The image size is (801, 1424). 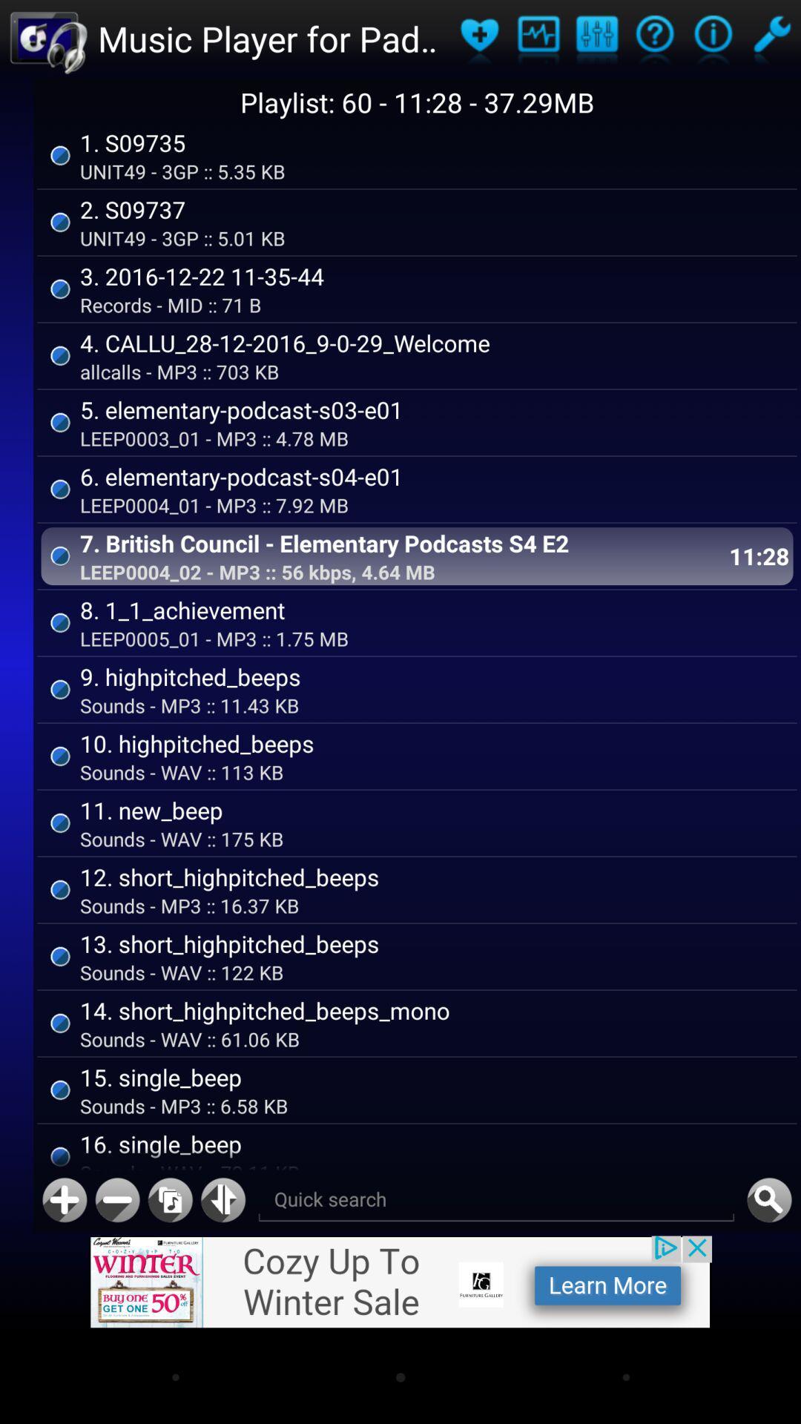 What do you see at coordinates (64, 1200) in the screenshot?
I see `item` at bounding box center [64, 1200].